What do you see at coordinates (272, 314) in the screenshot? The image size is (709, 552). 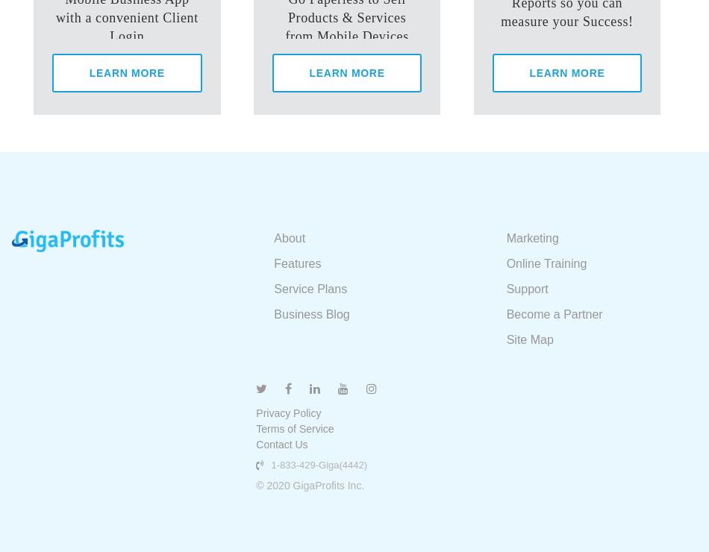 I see `'Business Blog'` at bounding box center [272, 314].